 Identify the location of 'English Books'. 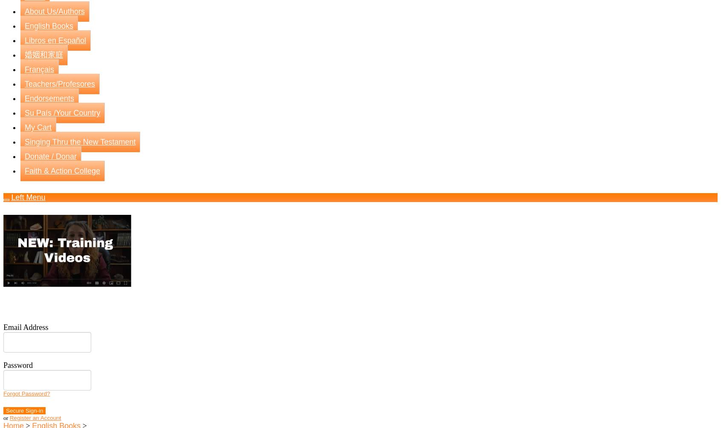
(49, 26).